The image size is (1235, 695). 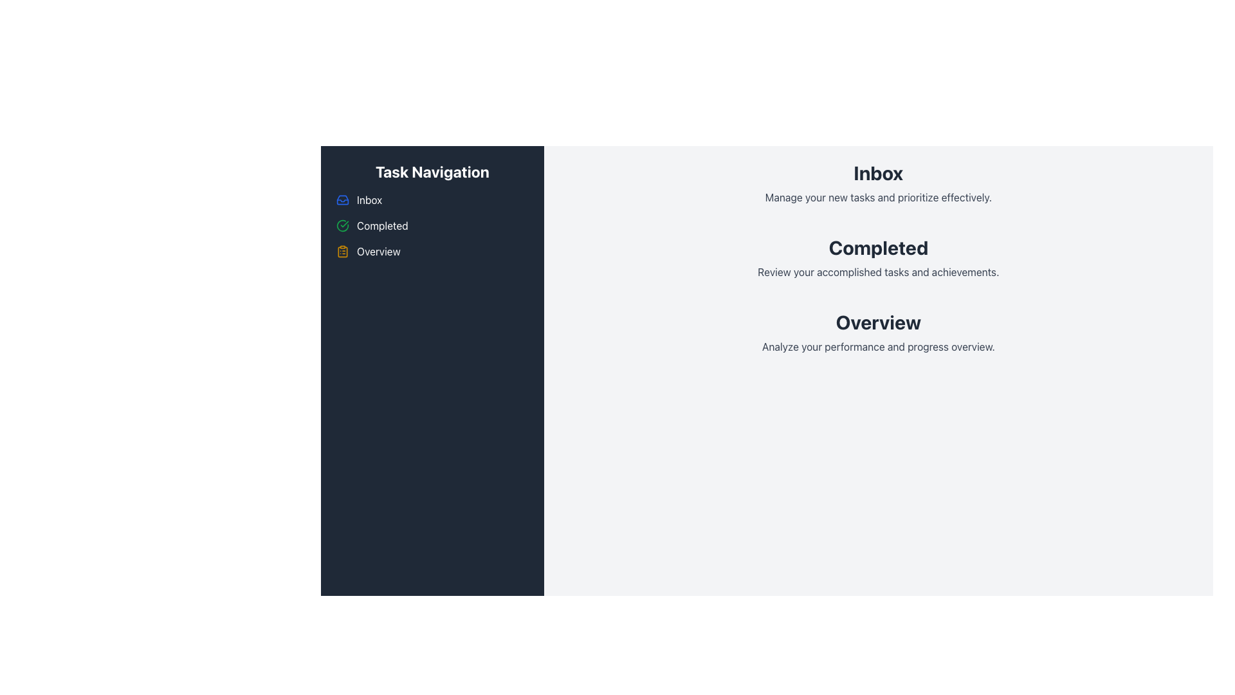 I want to click on the instructional text located directly below the 'Inbox' header in the right-side content area, which provides guidance on task management and prioritization, so click(x=877, y=198).